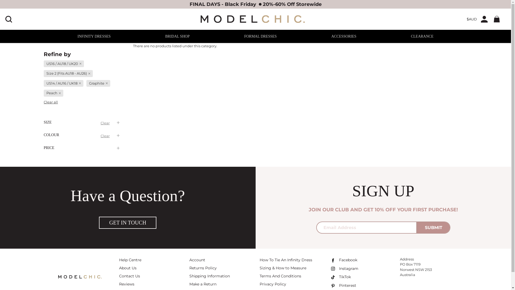 This screenshot has height=290, width=515. What do you see at coordinates (177, 36) in the screenshot?
I see `'BRIDAL SHOP'` at bounding box center [177, 36].